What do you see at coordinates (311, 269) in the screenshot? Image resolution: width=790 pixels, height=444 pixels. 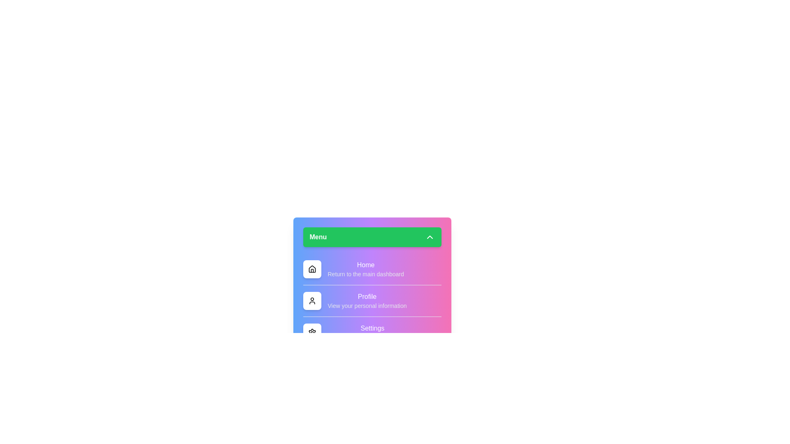 I see `the menu item corresponding to Home` at bounding box center [311, 269].